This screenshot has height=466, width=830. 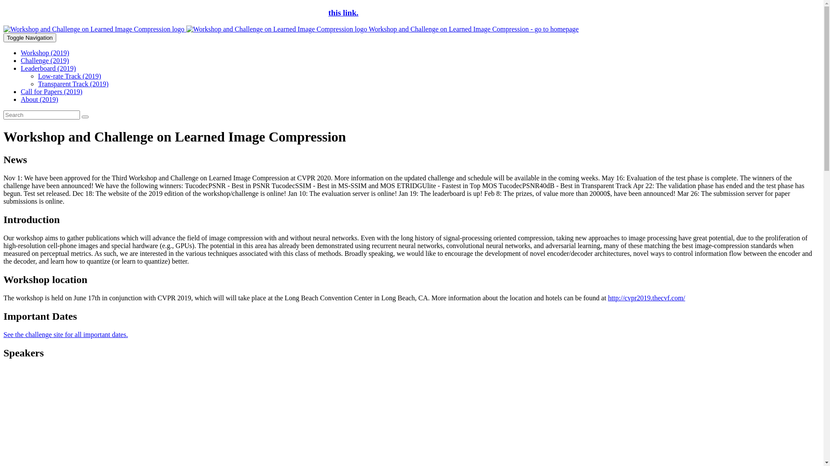 What do you see at coordinates (65, 334) in the screenshot?
I see `'See the challenge site for all important dates.'` at bounding box center [65, 334].